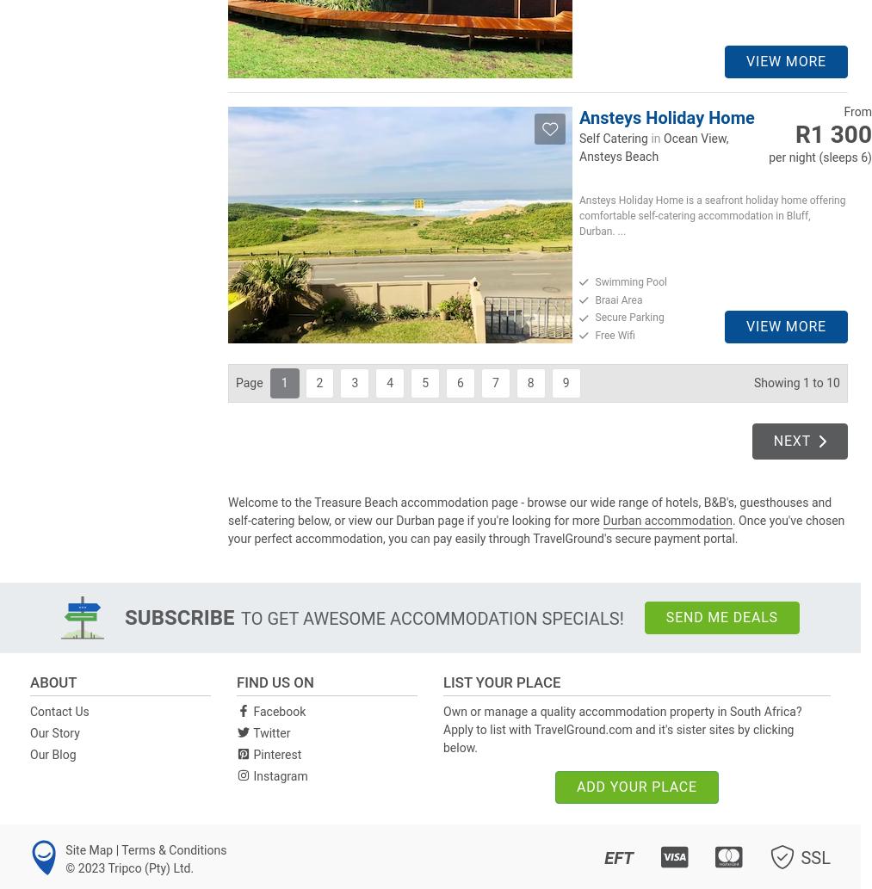  I want to click on 'Our Blog', so click(52, 752).